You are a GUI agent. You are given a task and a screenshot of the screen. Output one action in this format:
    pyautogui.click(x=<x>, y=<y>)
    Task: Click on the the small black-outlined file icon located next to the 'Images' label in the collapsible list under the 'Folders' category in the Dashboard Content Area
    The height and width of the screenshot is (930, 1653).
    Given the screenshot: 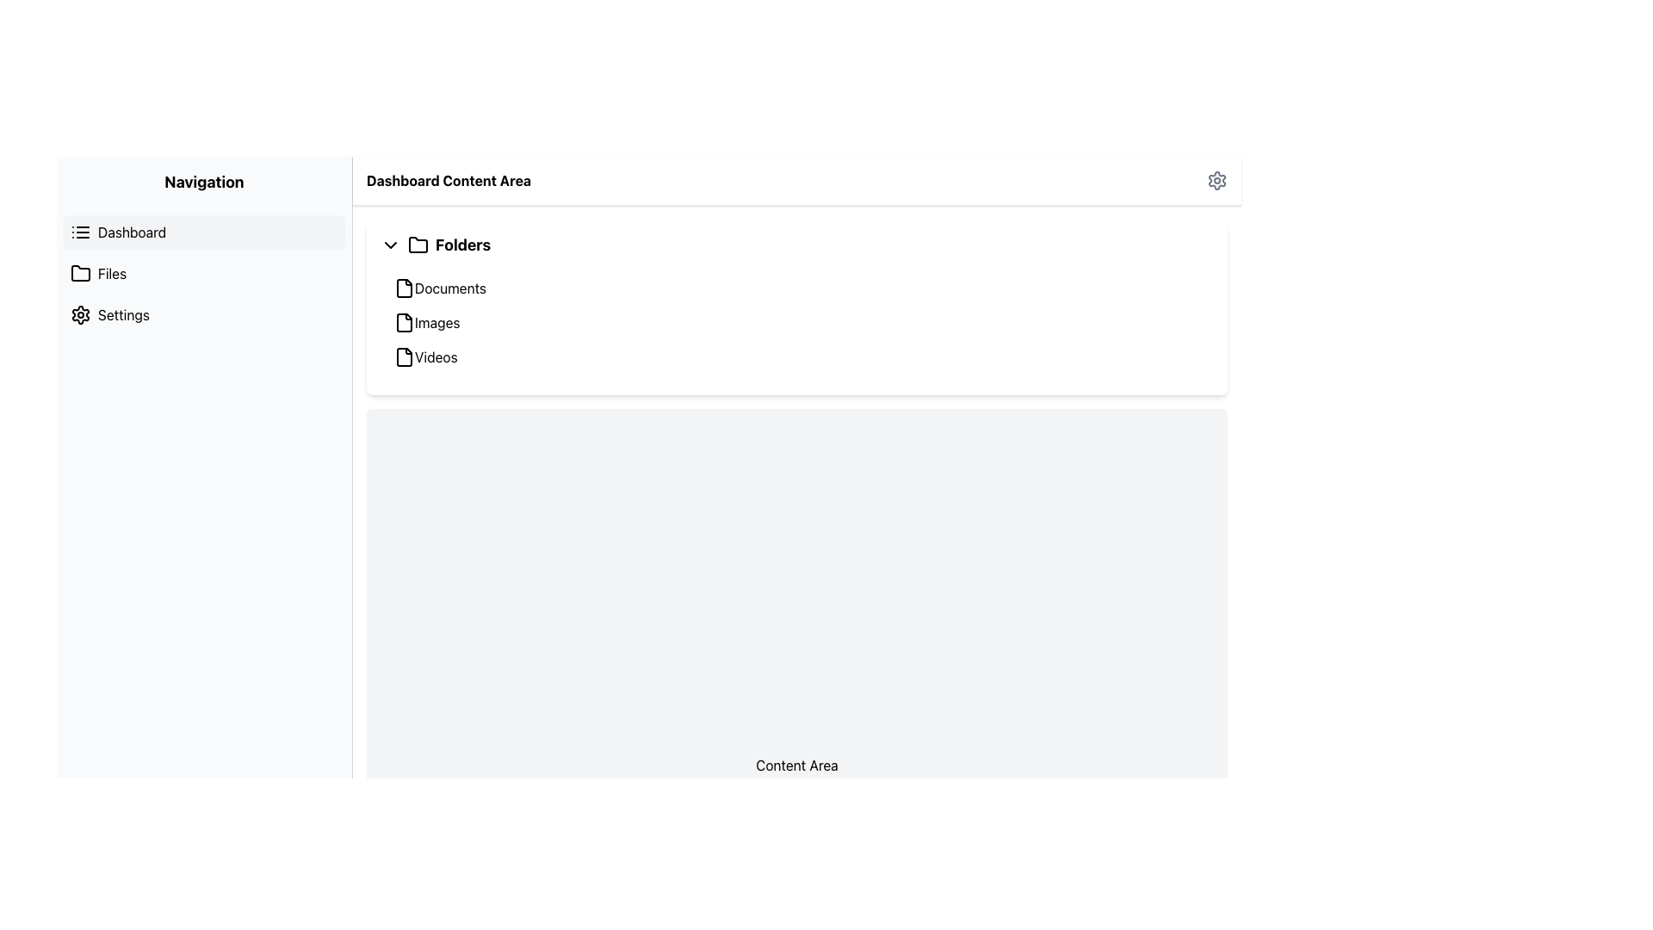 What is the action you would take?
    pyautogui.click(x=404, y=322)
    